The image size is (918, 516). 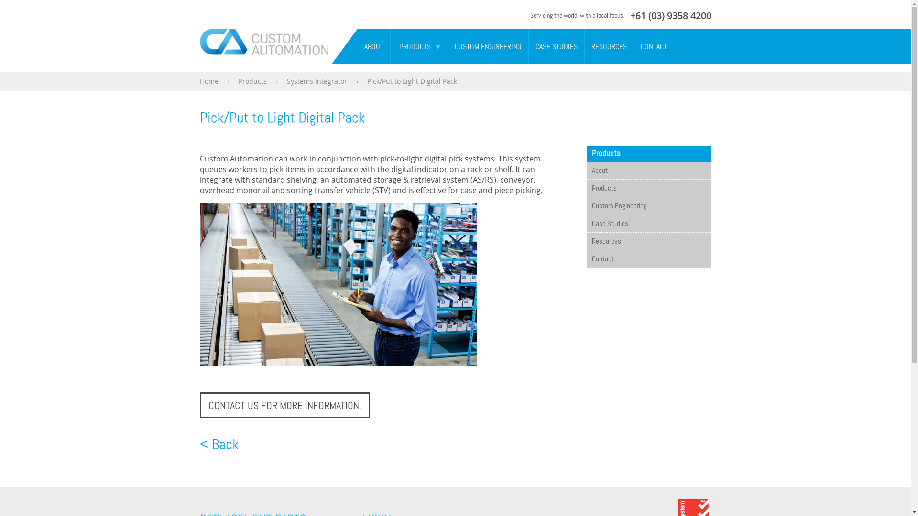 I want to click on '+61 (03) 9358 4200', so click(x=670, y=15).